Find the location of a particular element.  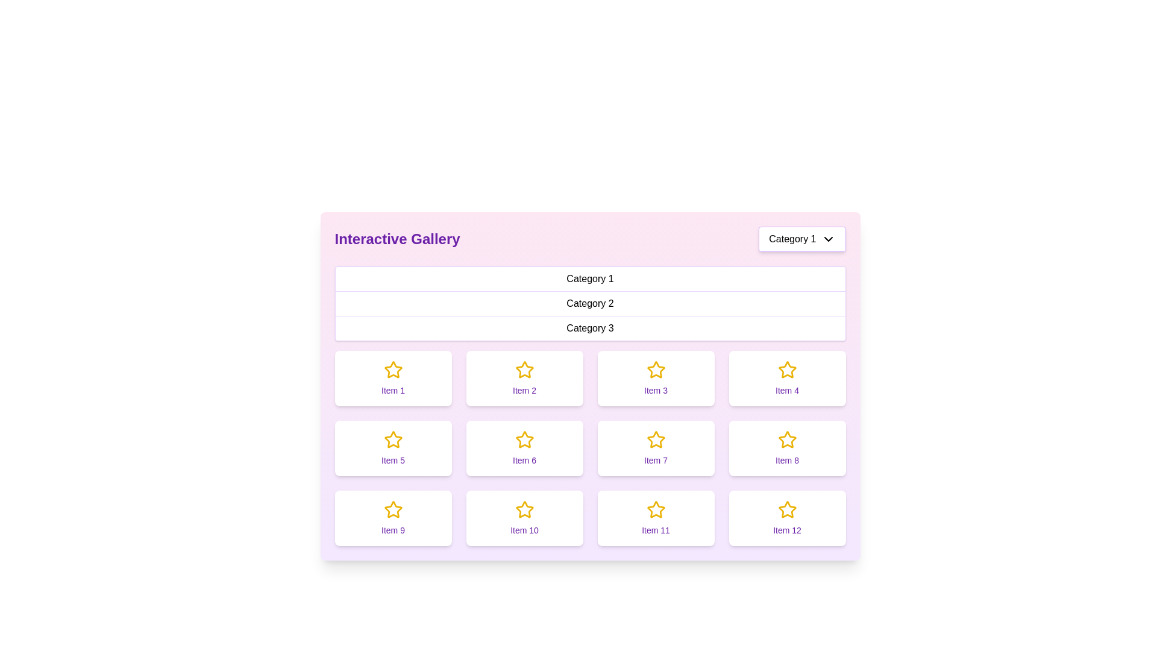

the star icon in the eighth position of the grid layout, which is used for rating or marking an item as a favorite is located at coordinates (787, 439).